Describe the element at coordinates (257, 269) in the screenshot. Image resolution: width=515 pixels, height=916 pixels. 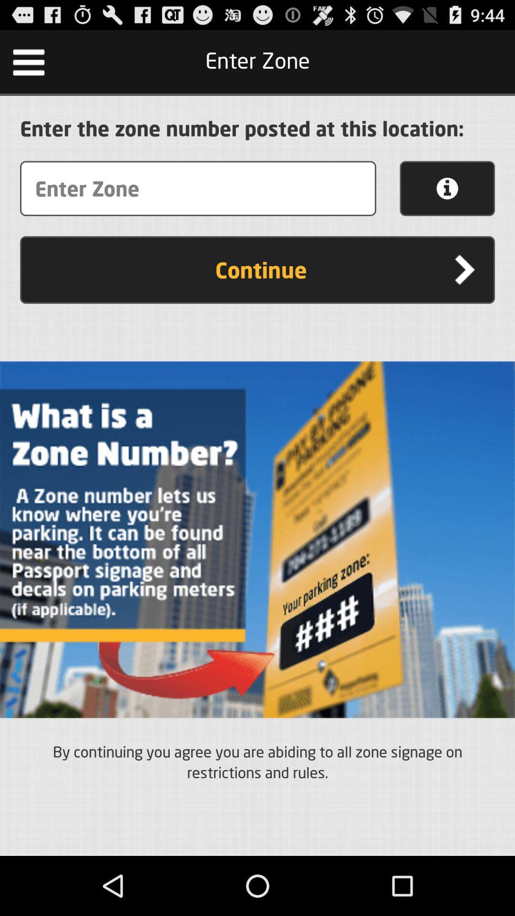
I see `the continue` at that location.